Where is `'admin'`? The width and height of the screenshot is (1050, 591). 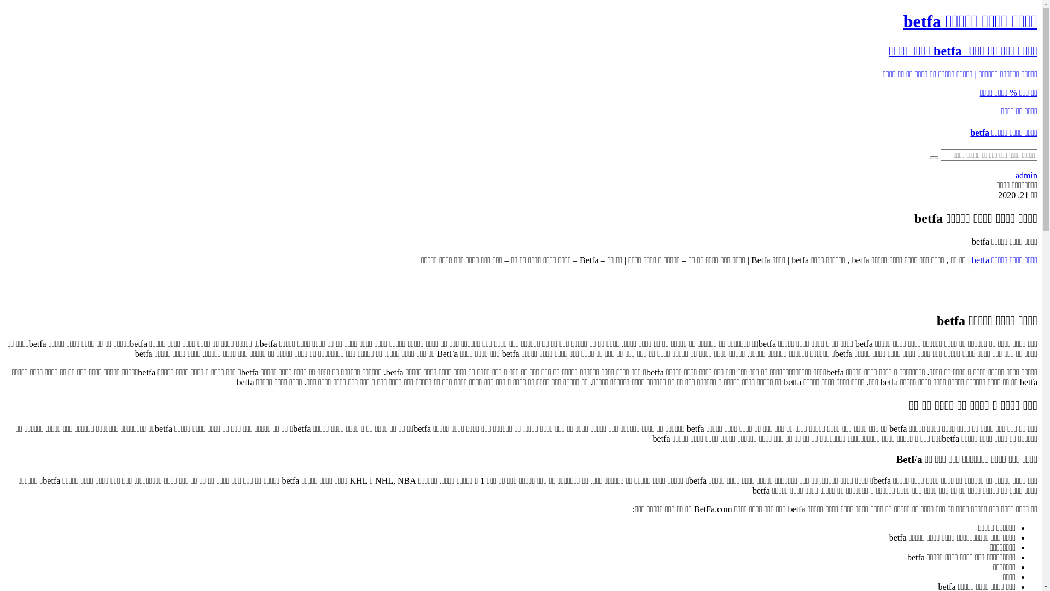 'admin' is located at coordinates (1025, 175).